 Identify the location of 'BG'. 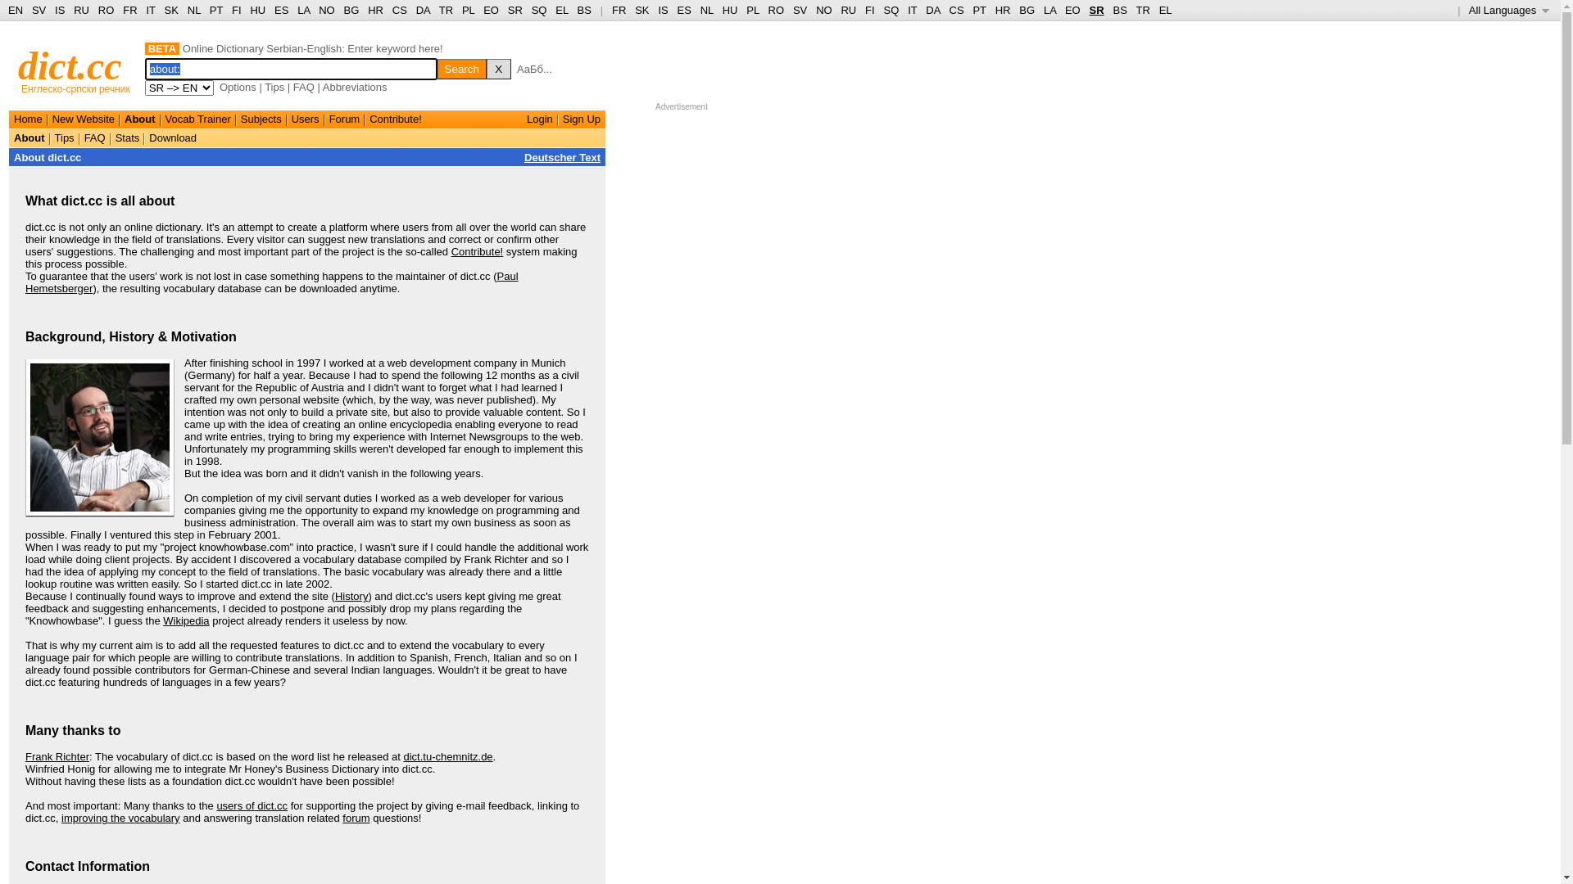
(343, 10).